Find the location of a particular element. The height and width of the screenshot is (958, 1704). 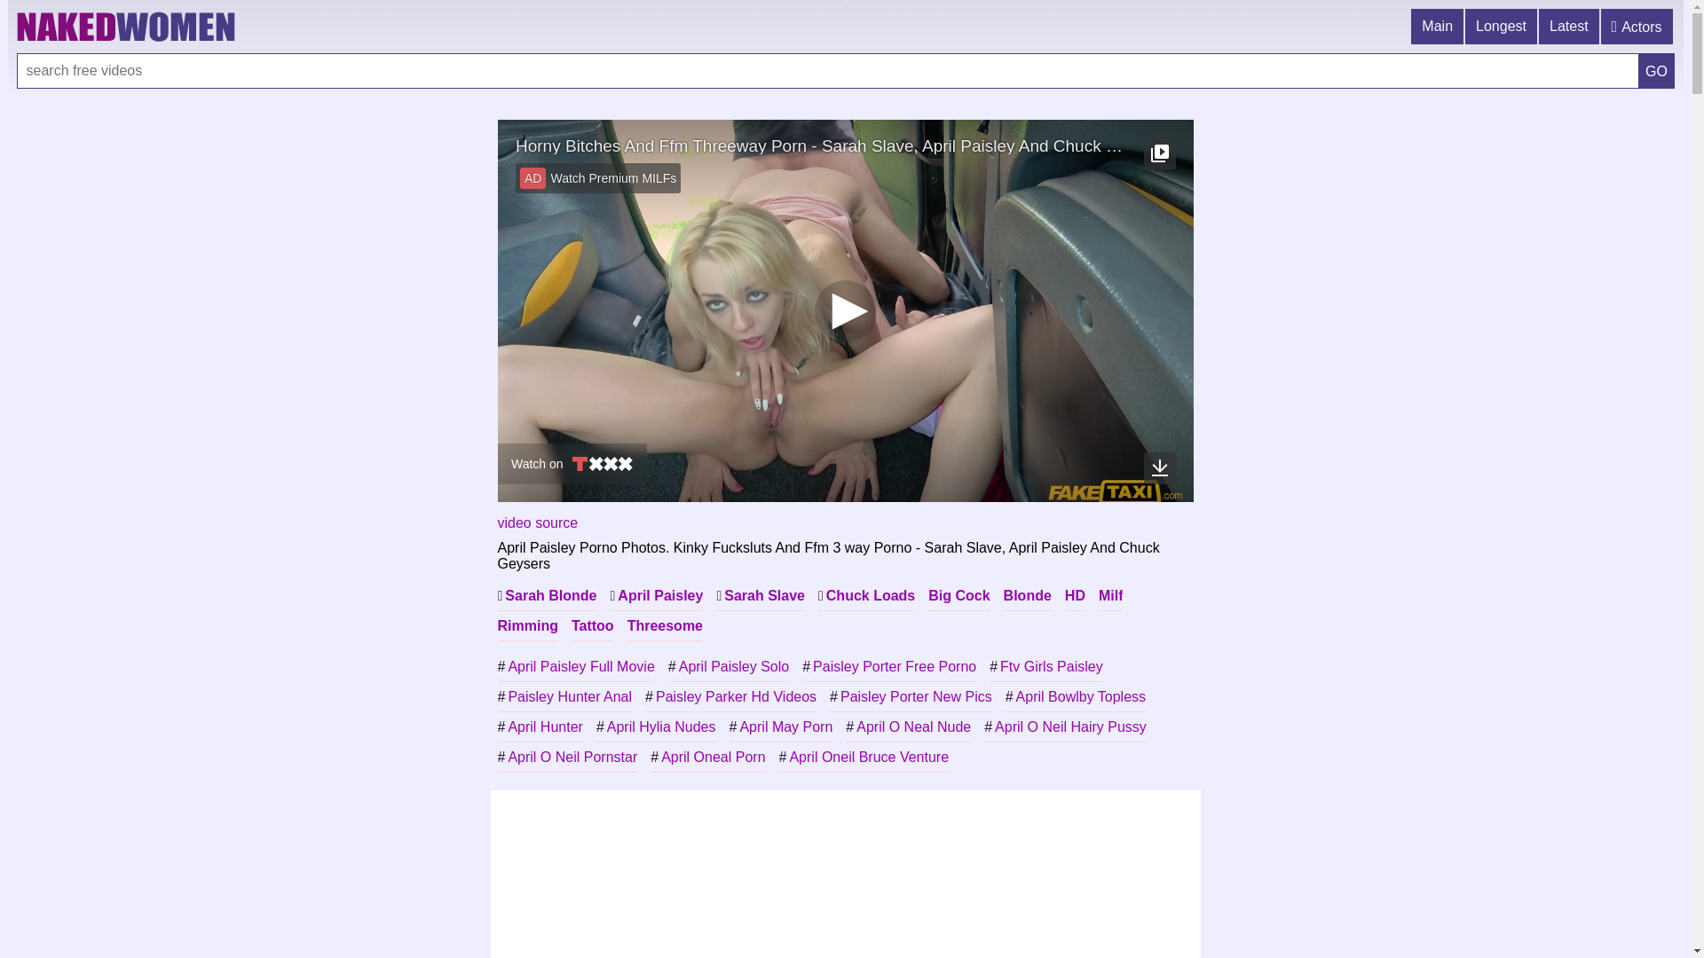

'Blonde' is located at coordinates (1027, 595).